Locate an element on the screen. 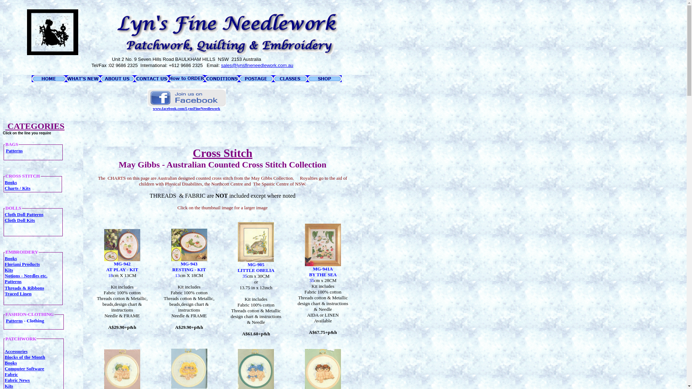 This screenshot has width=692, height=389. 'www.facebook.com/LynsFineNeedlework' is located at coordinates (152, 108).